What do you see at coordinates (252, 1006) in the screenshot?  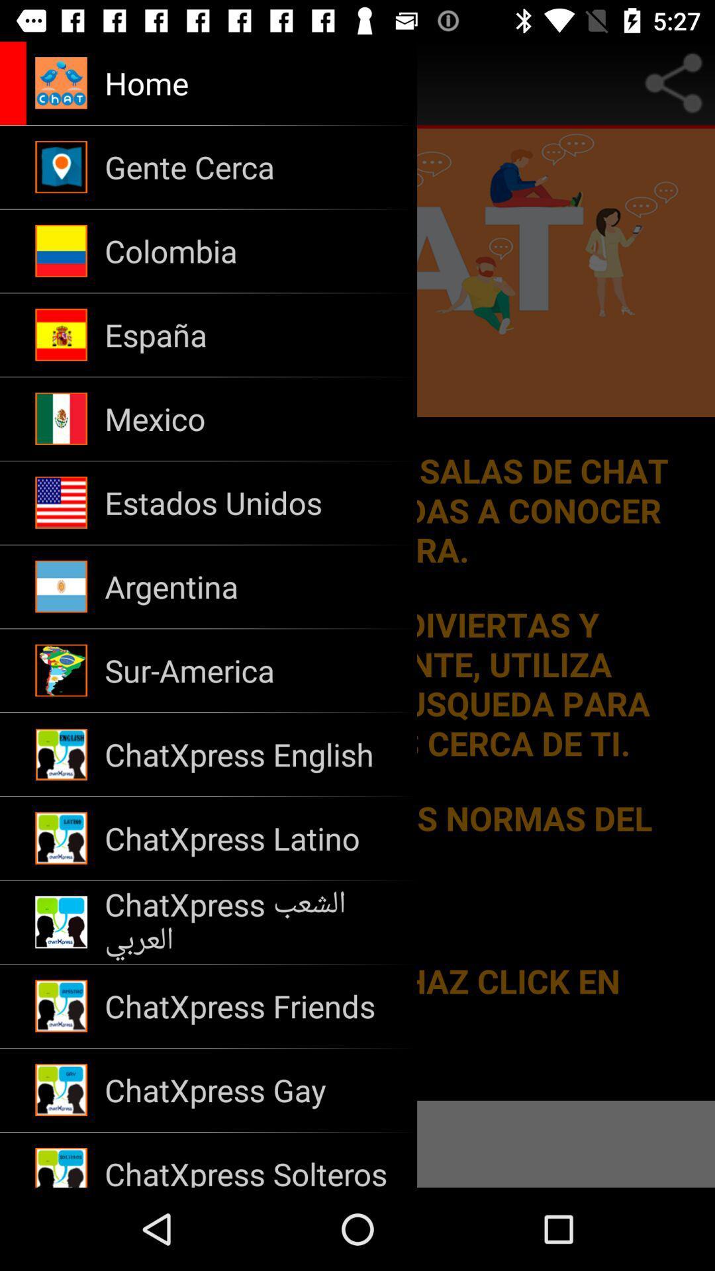 I see `icon above chatxpress gay item` at bounding box center [252, 1006].